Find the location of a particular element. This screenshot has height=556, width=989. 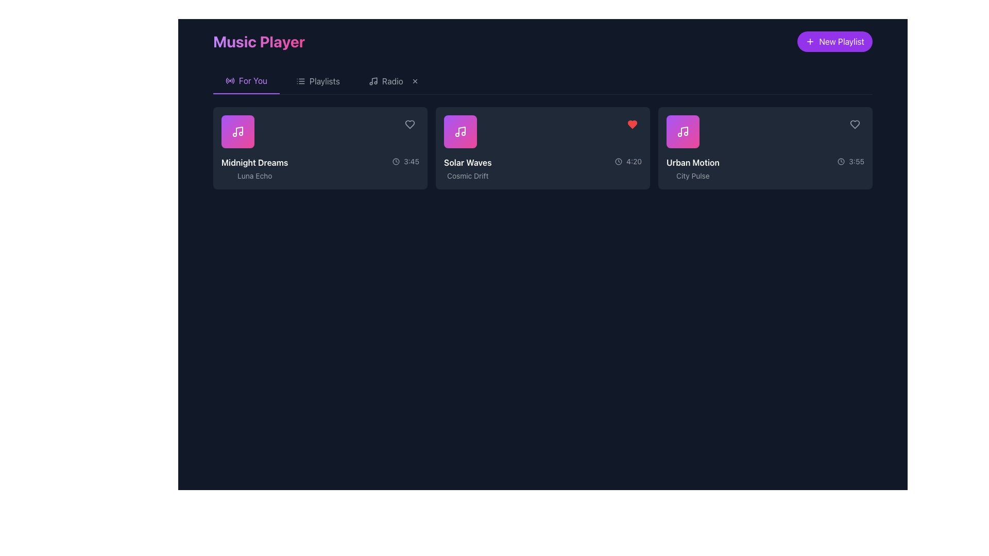

the 'New Playlist' button icon, which visually indicates the purpose of creating a new playlist is located at coordinates (810, 41).